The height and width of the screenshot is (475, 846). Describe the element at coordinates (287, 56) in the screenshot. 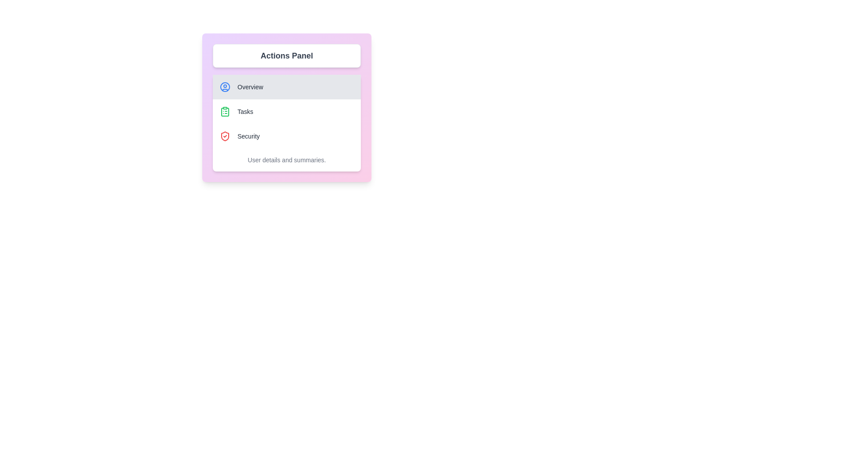

I see `the 'Actions Panel' button to toggle the visibility of the menu panel` at that location.